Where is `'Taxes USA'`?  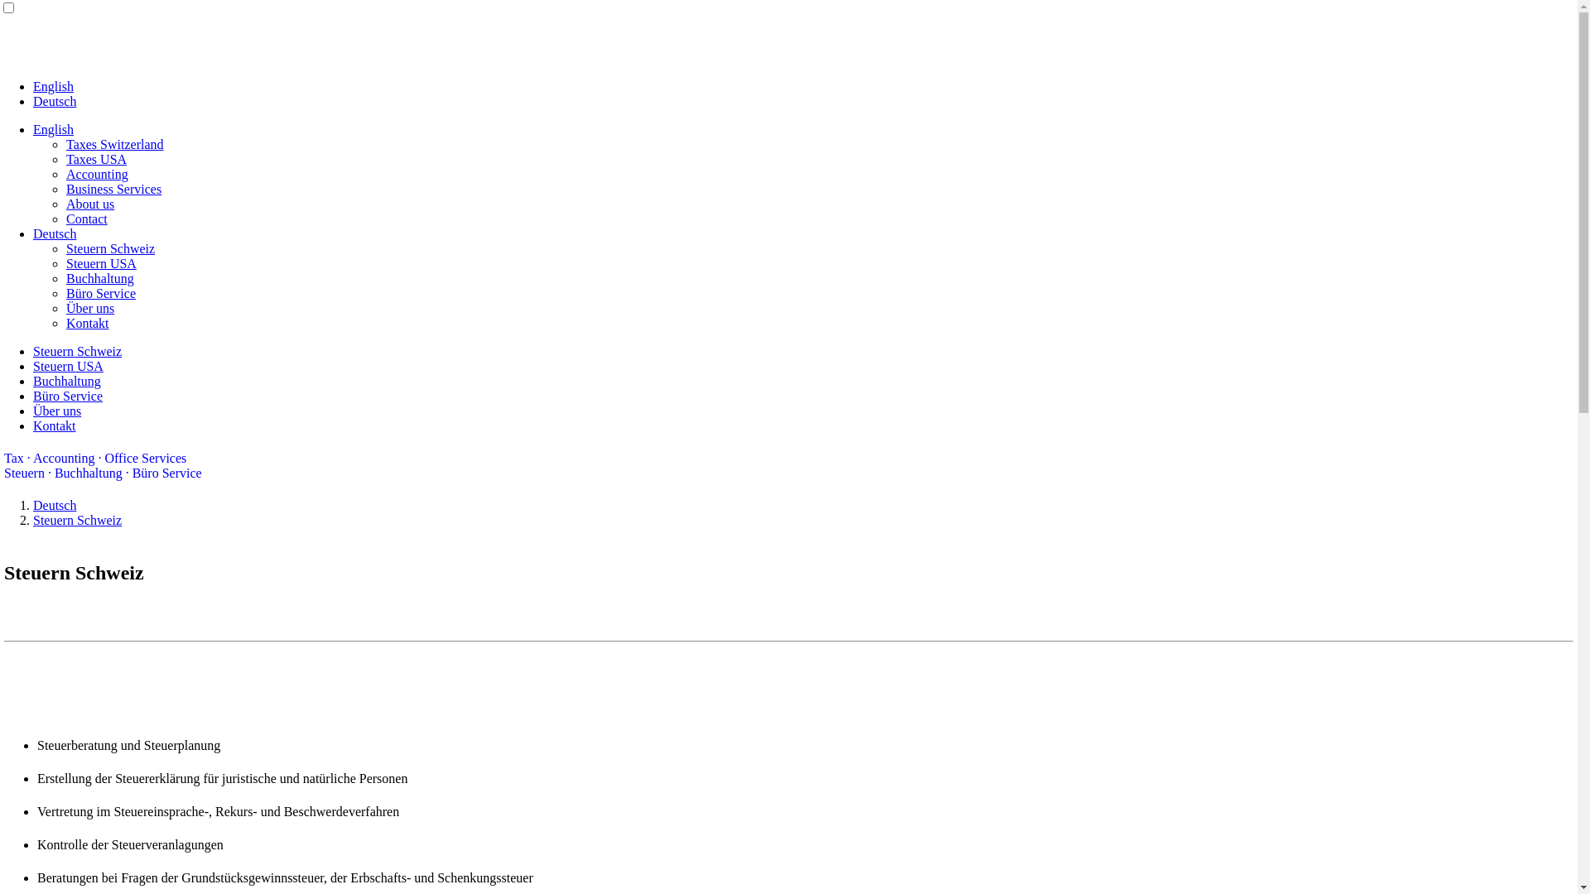 'Taxes USA' is located at coordinates (66, 159).